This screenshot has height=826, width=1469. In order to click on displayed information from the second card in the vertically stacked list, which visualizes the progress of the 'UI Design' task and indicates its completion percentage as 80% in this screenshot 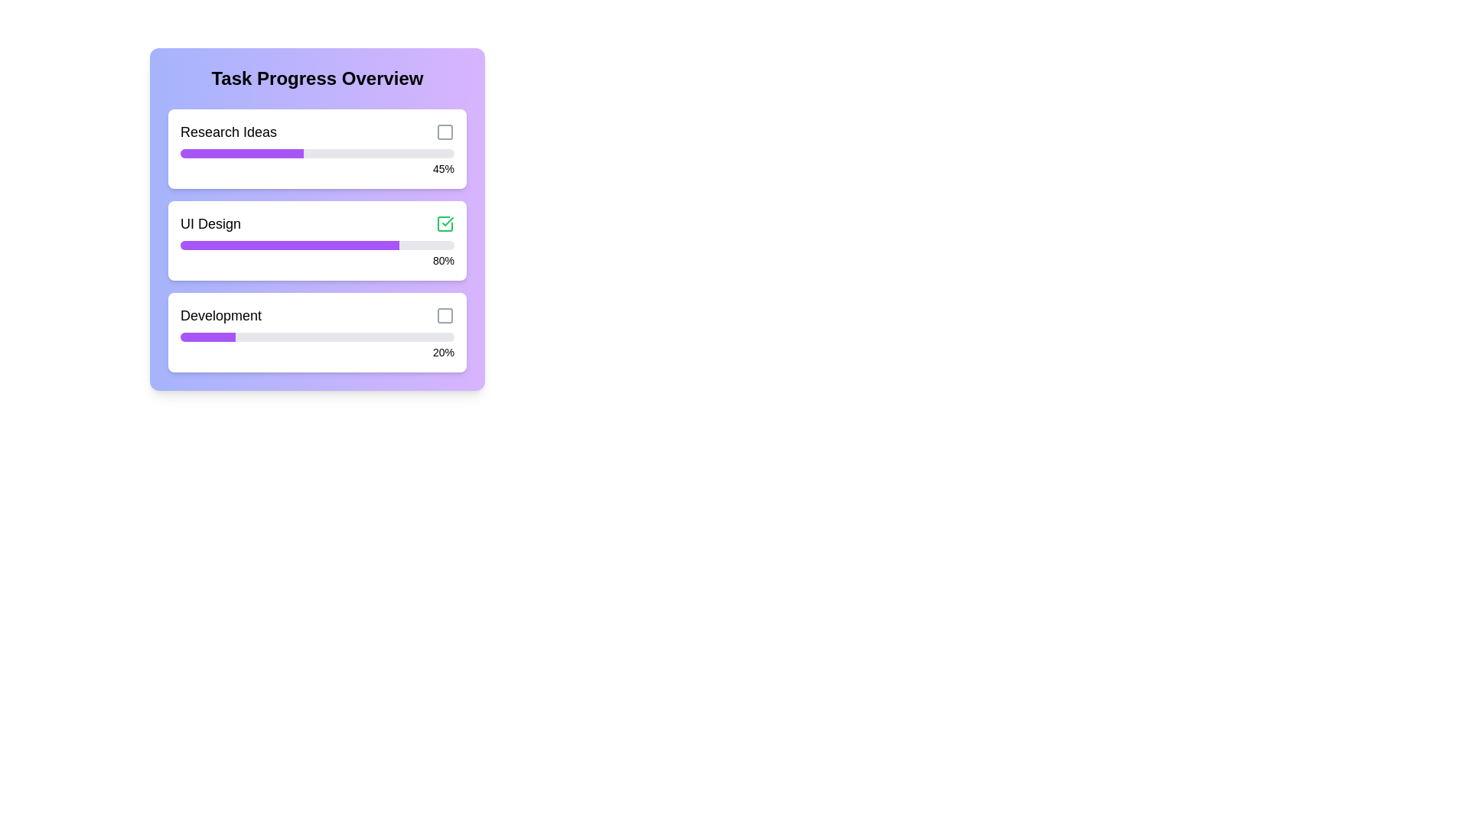, I will do `click(316, 241)`.